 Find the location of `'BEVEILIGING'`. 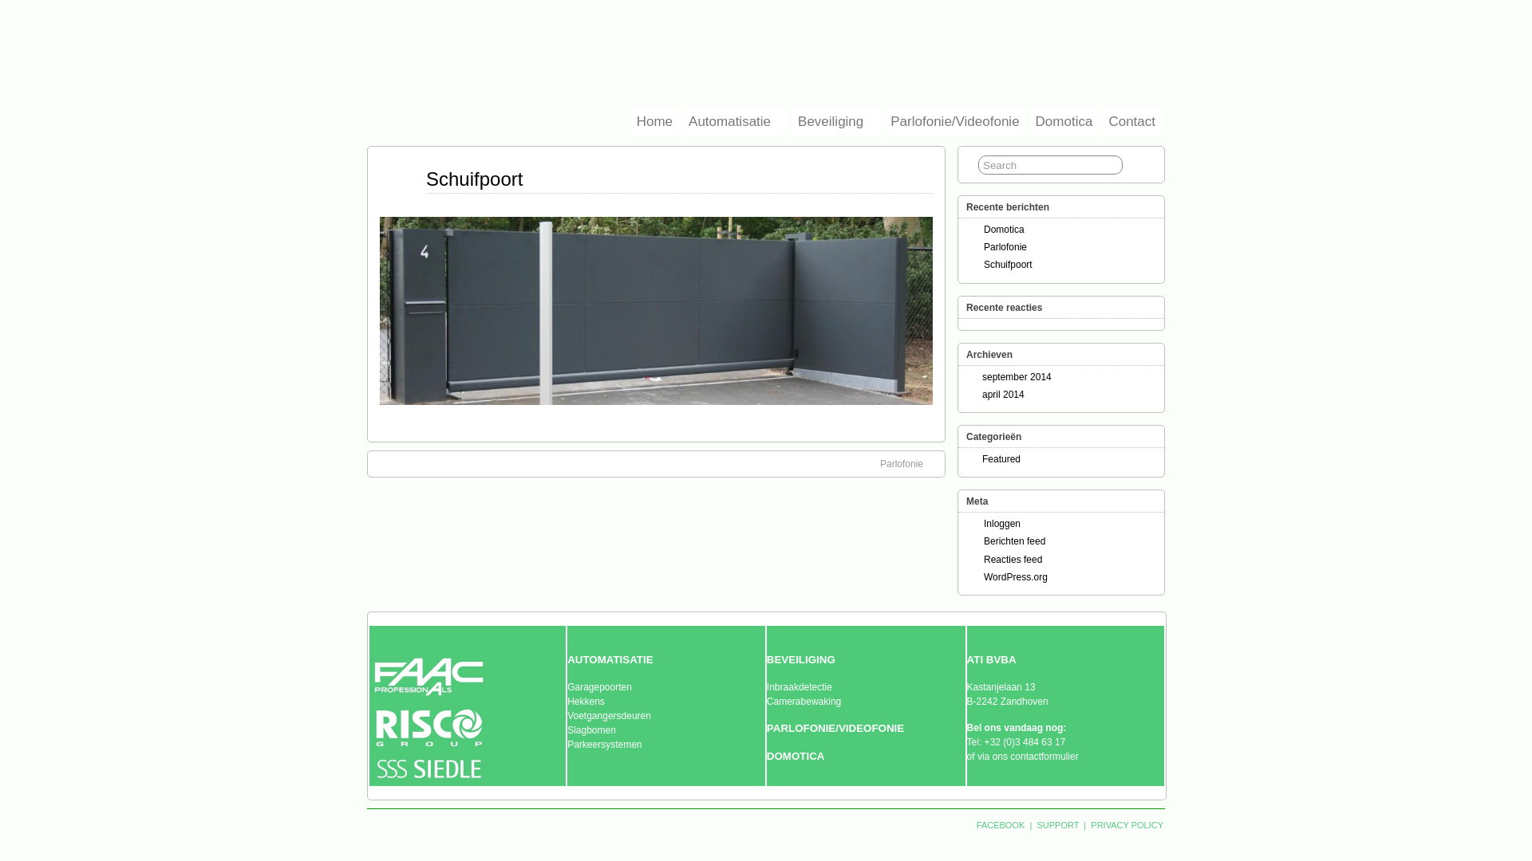

'BEVEILIGING' is located at coordinates (800, 660).